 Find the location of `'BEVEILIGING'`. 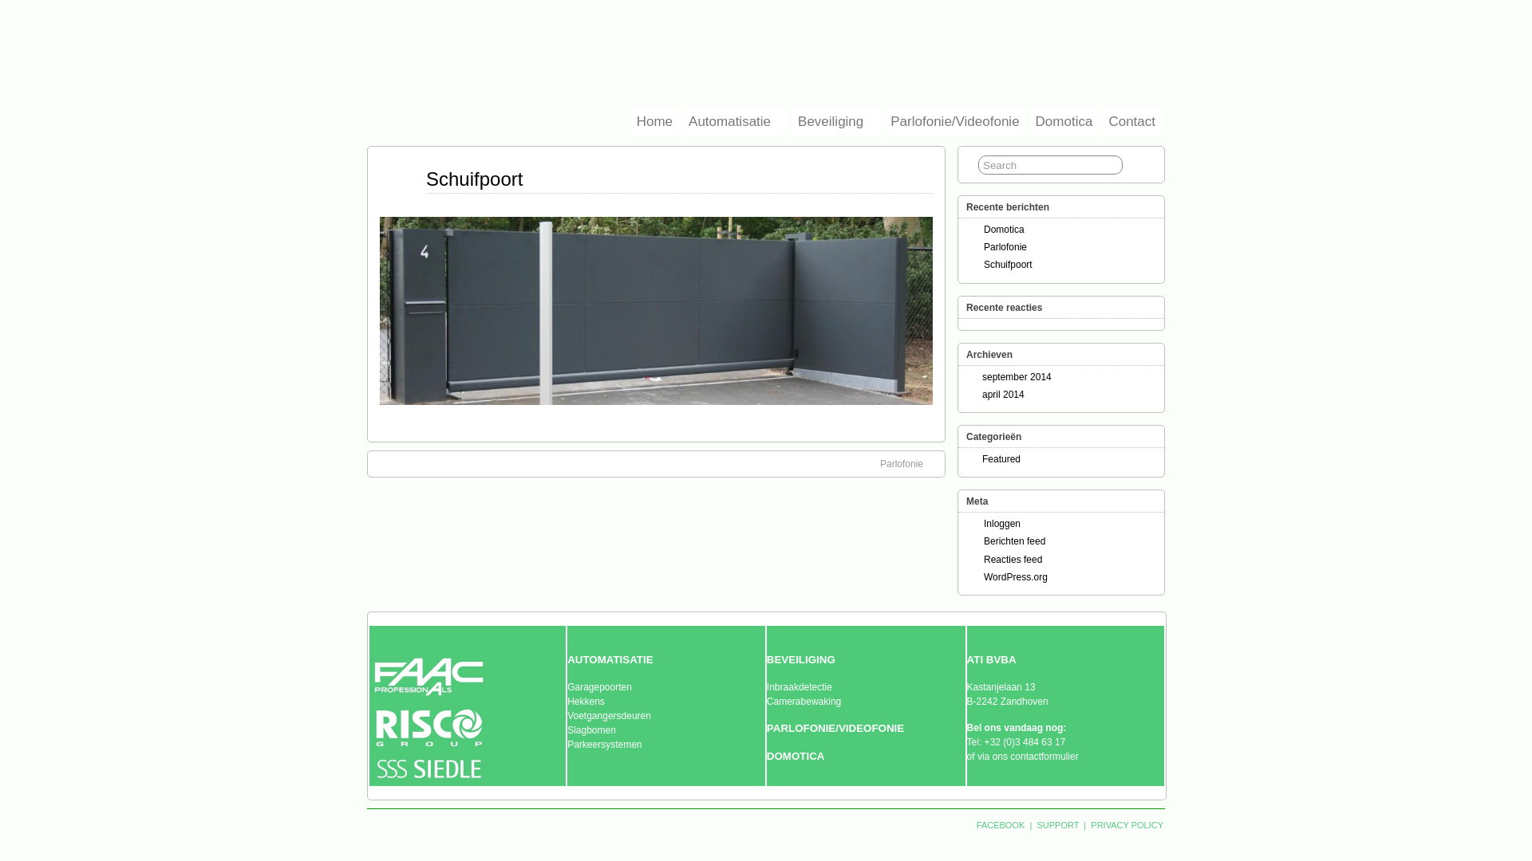

'BEVEILIGING' is located at coordinates (800, 660).